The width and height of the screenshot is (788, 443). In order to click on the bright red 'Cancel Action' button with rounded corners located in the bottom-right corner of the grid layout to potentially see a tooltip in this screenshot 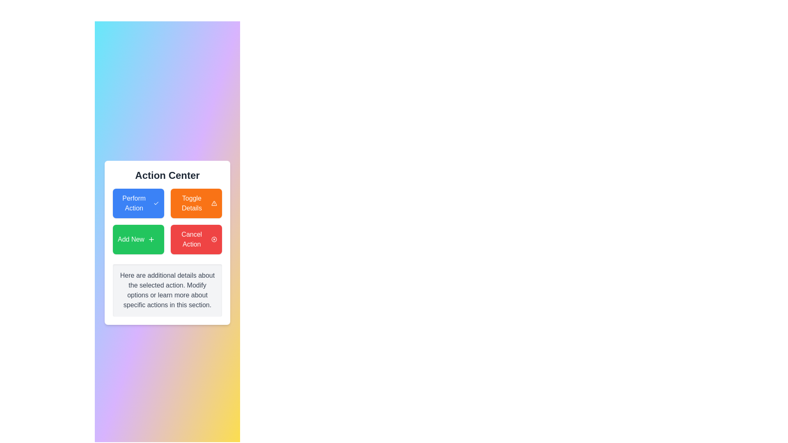, I will do `click(196, 239)`.